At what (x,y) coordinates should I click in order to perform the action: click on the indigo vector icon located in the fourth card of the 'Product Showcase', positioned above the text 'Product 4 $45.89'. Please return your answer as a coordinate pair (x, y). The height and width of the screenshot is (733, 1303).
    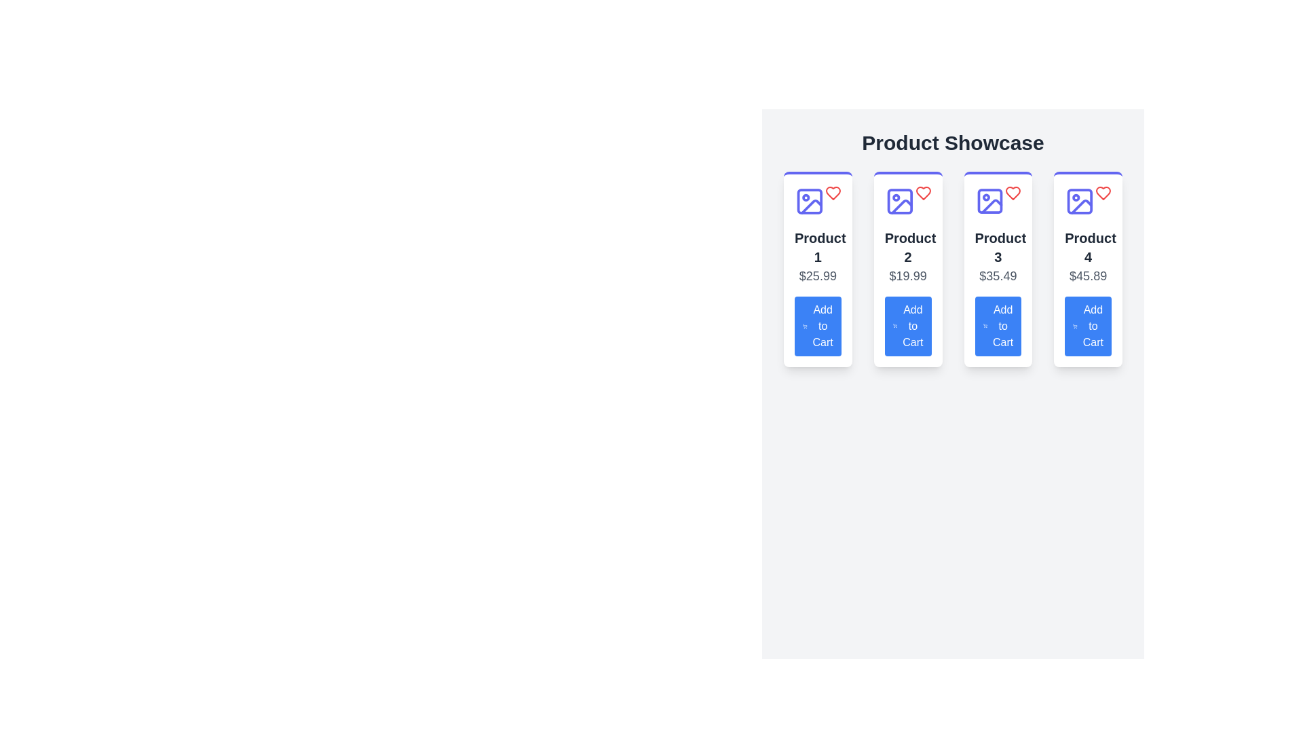
    Looking at the image, I should click on (1079, 202).